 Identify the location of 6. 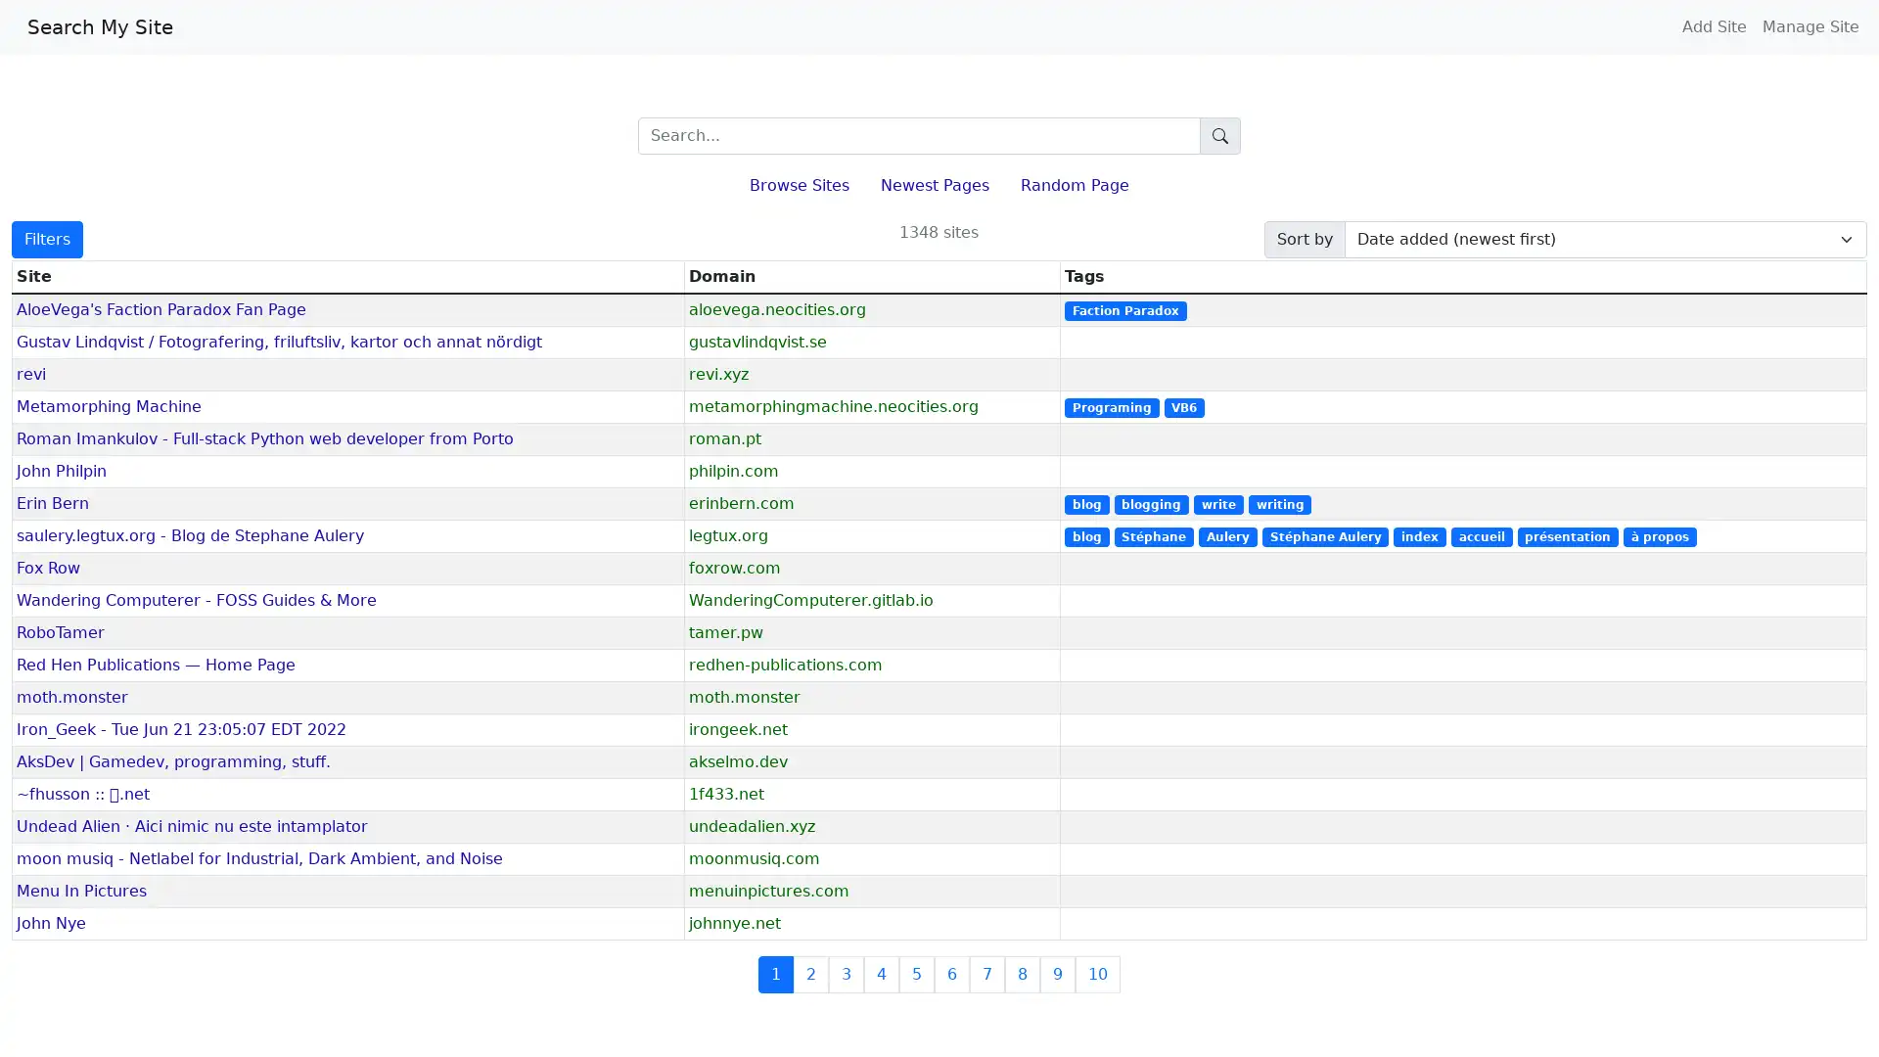
(952, 974).